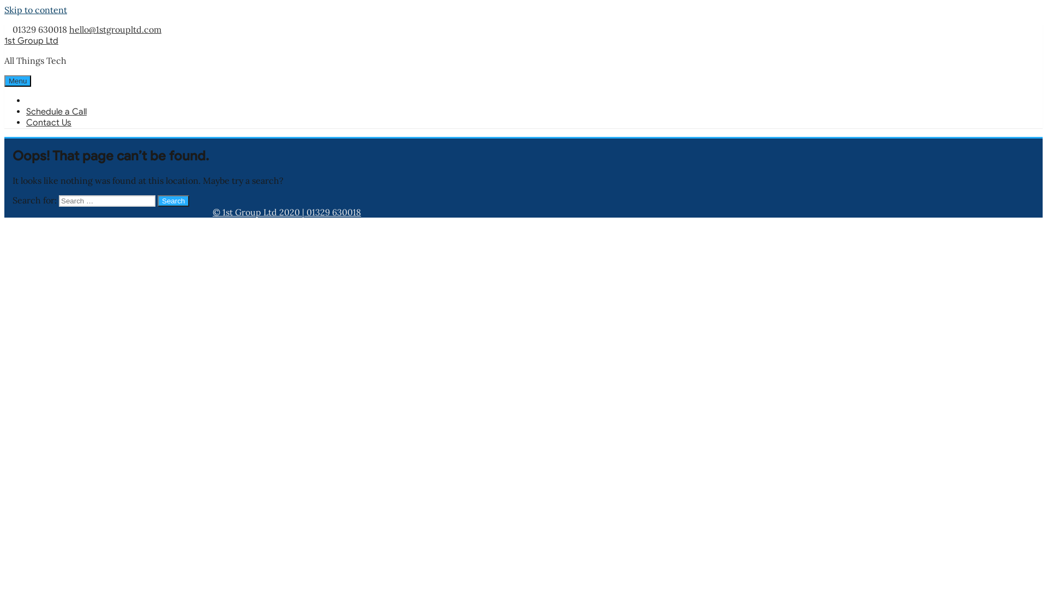 This screenshot has width=1047, height=589. What do you see at coordinates (68, 29) in the screenshot?
I see `'hello@1stgroupltd.com'` at bounding box center [68, 29].